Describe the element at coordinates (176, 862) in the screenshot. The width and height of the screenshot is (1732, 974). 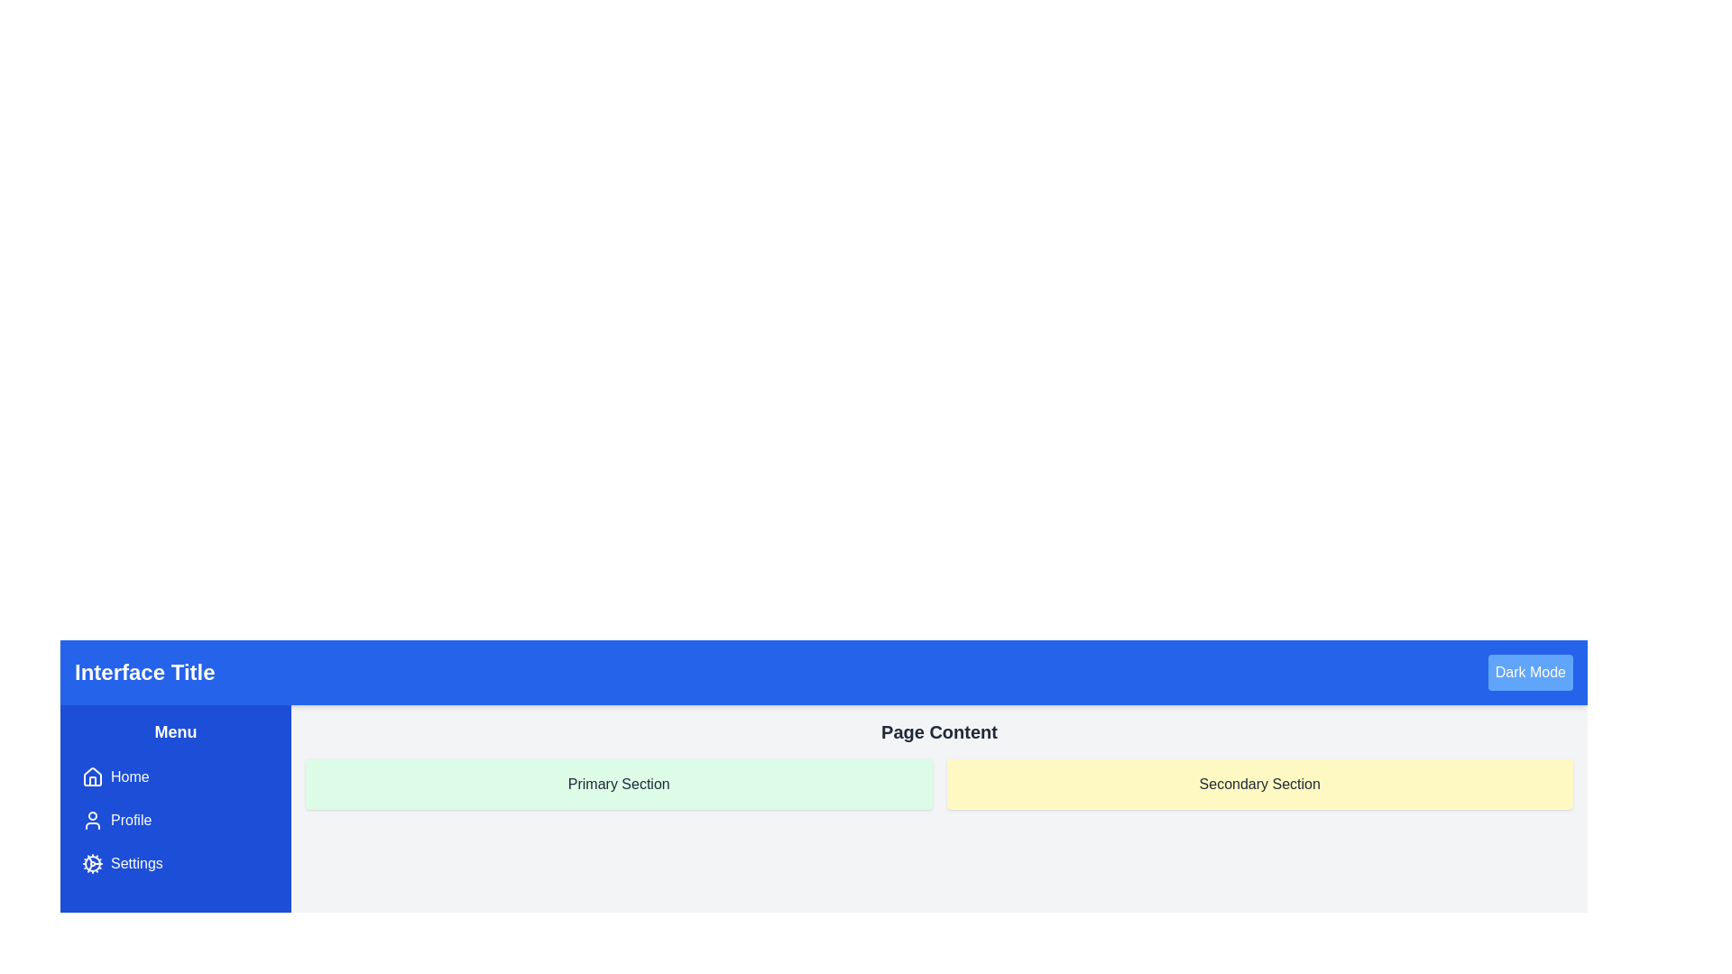
I see `the 'Settings' button located on the left sidebar, which is the third item in the vertical list of menu options` at that location.